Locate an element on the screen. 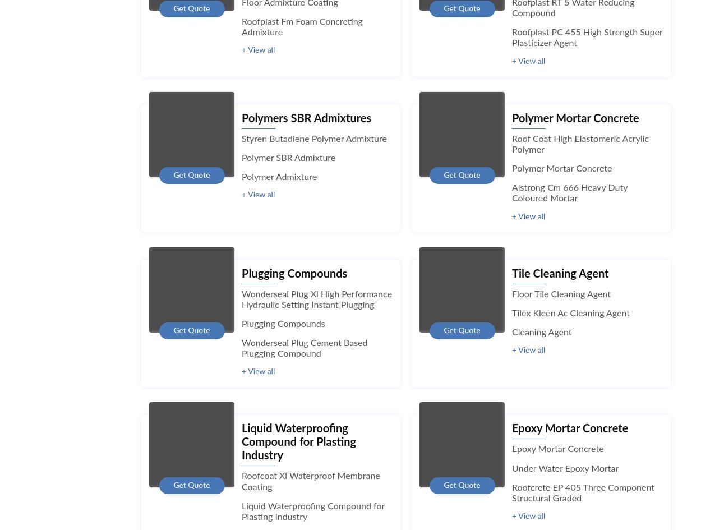 The width and height of the screenshot is (701, 530). 'Wonderseal Plug Xl High Performance Hydraulic Setting Instant Plugging' is located at coordinates (316, 298).